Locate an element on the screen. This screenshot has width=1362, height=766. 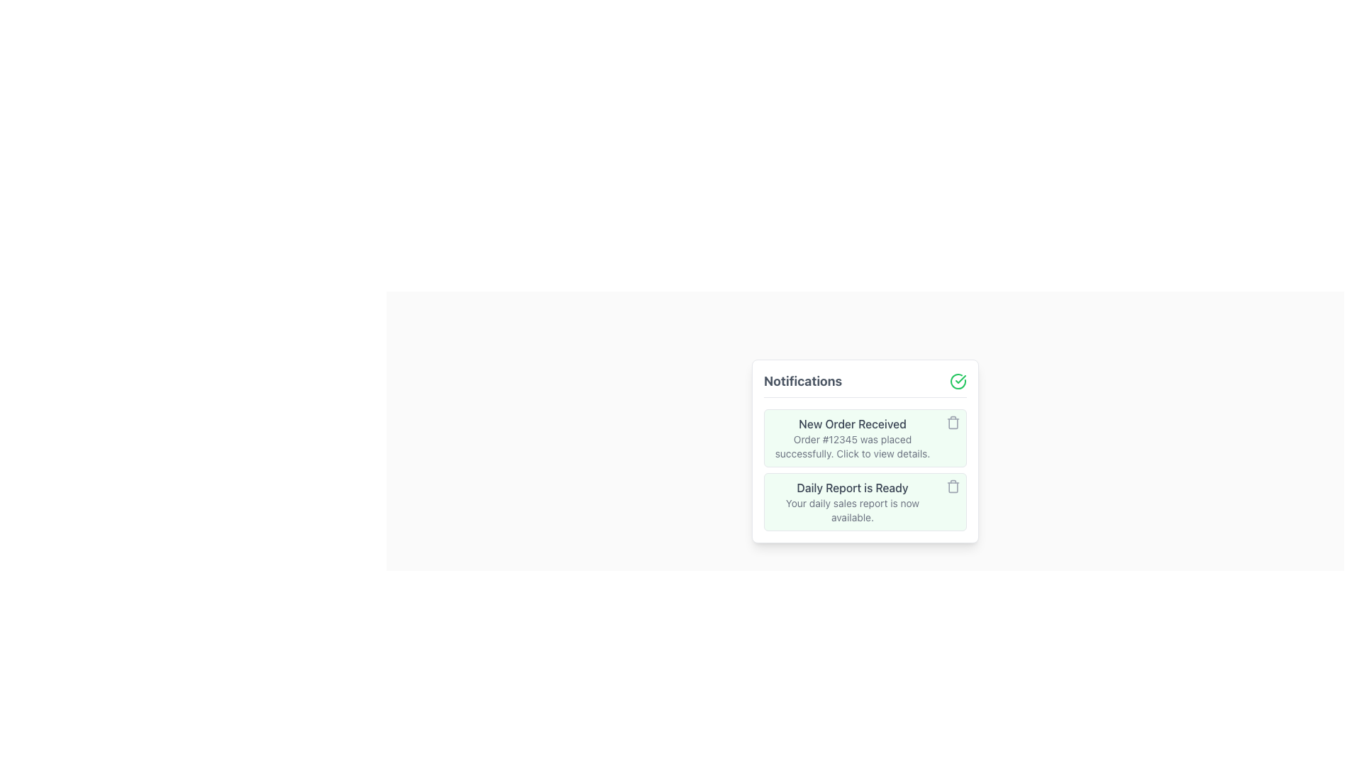
the notification title text indicating that the daily sales report is ready, which is located in the second card of the 'Notifications' list is located at coordinates (851, 487).